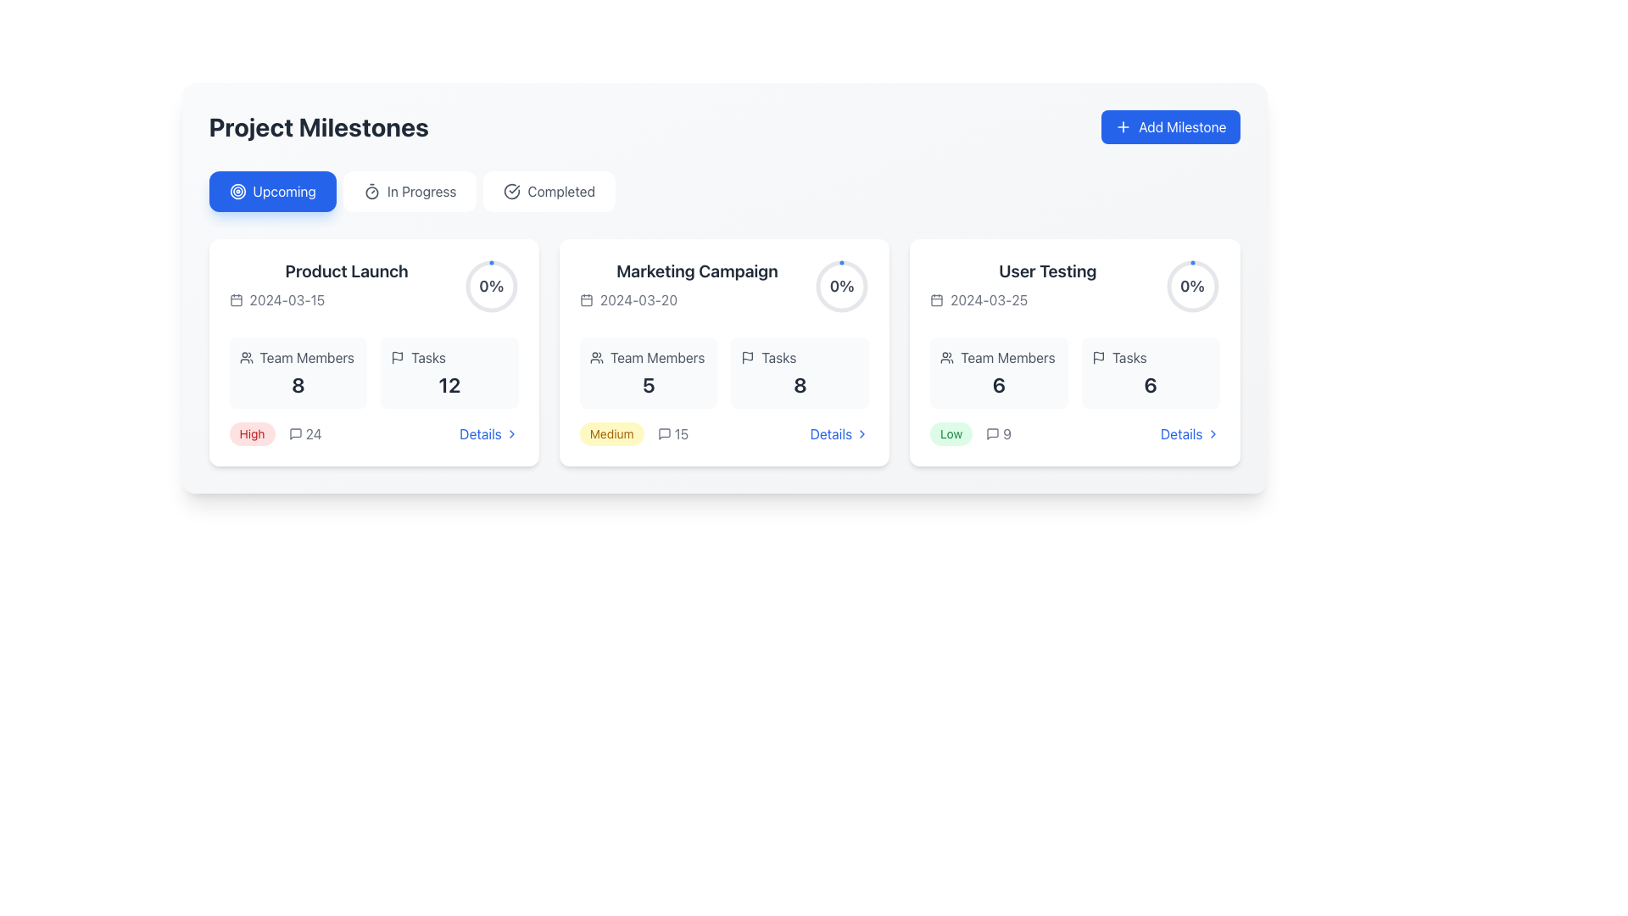 Image resolution: width=1628 pixels, height=916 pixels. What do you see at coordinates (648, 371) in the screenshot?
I see `the Text with Icon displaying the number of team members associated with the Marketing Campaign milestone, located under the 'Marketing Campaign' card in the grid layout` at bounding box center [648, 371].